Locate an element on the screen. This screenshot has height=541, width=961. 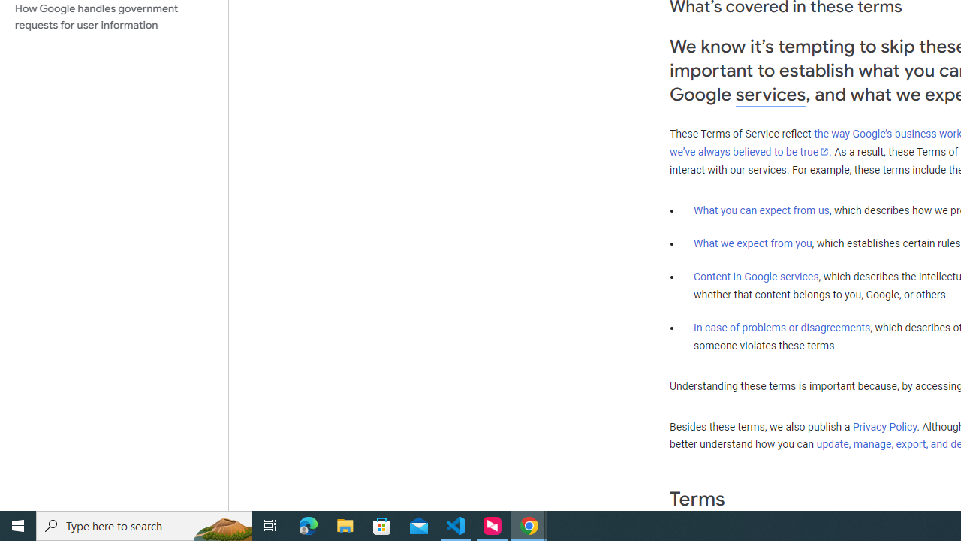
'Privacy Policy' is located at coordinates (884, 426).